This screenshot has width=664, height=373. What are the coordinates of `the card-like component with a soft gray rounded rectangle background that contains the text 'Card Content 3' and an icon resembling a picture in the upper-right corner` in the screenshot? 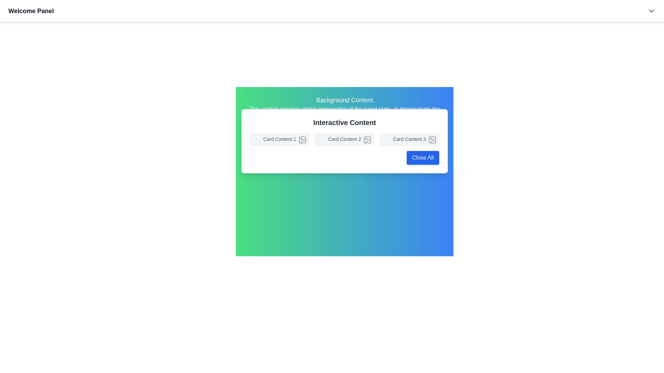 It's located at (409, 139).